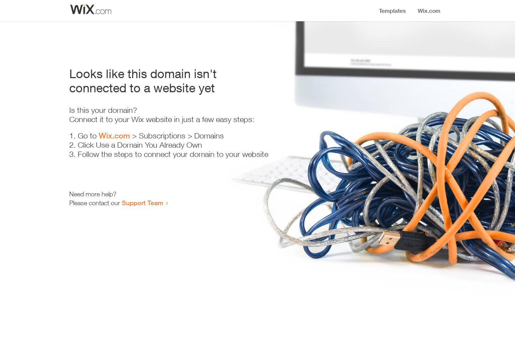 Image resolution: width=515 pixels, height=355 pixels. Describe the element at coordinates (88, 136) in the screenshot. I see `'Go to'` at that location.